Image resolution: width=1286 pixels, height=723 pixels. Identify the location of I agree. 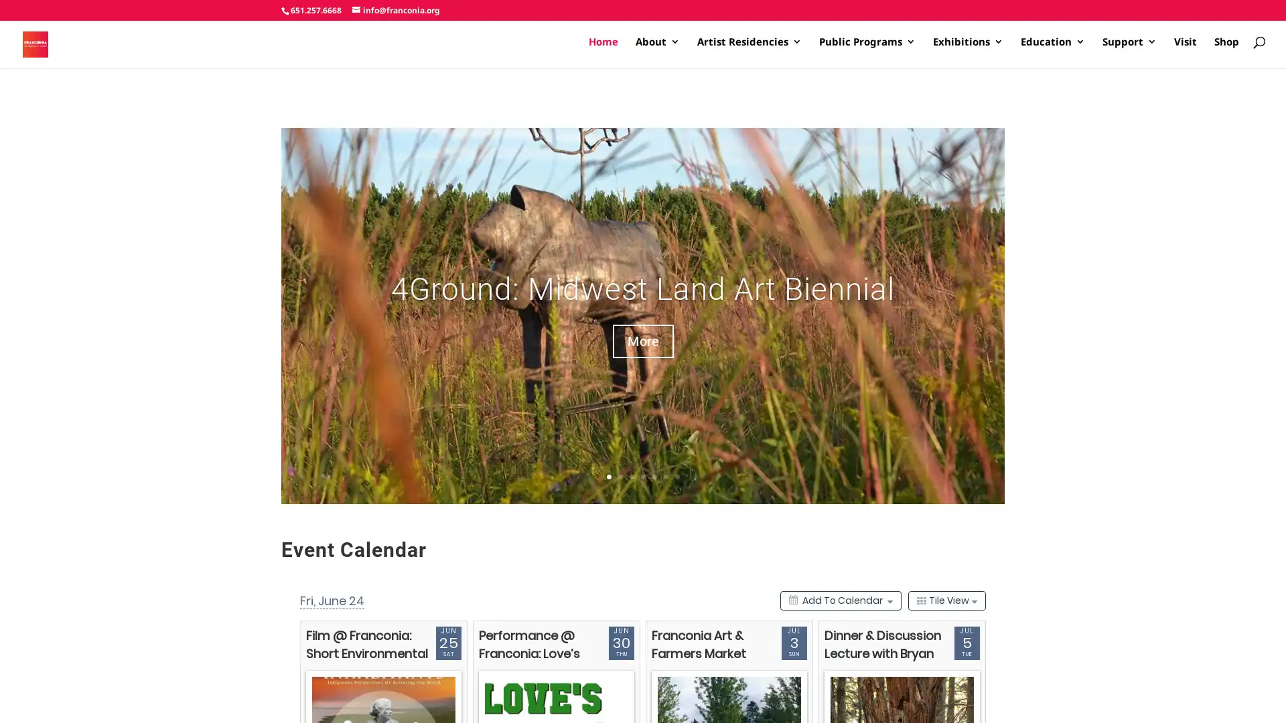
(1009, 15).